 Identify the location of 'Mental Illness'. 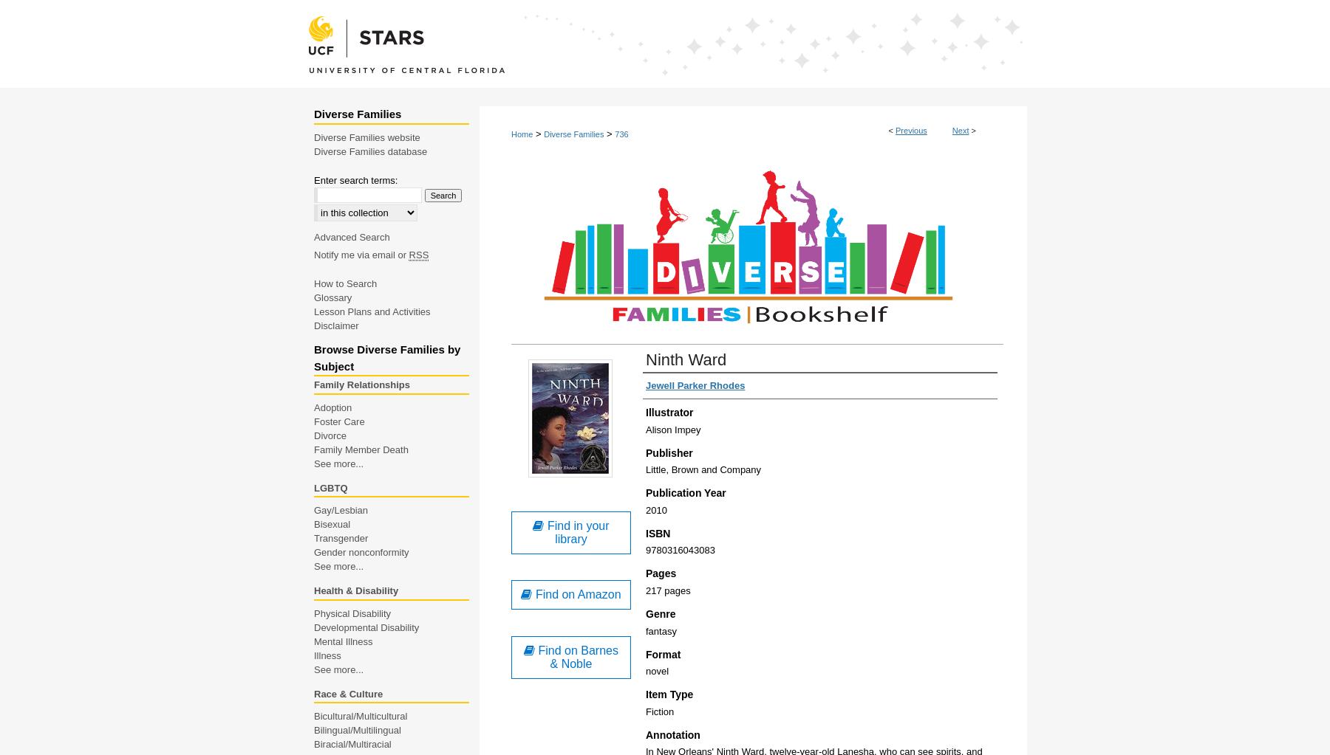
(342, 641).